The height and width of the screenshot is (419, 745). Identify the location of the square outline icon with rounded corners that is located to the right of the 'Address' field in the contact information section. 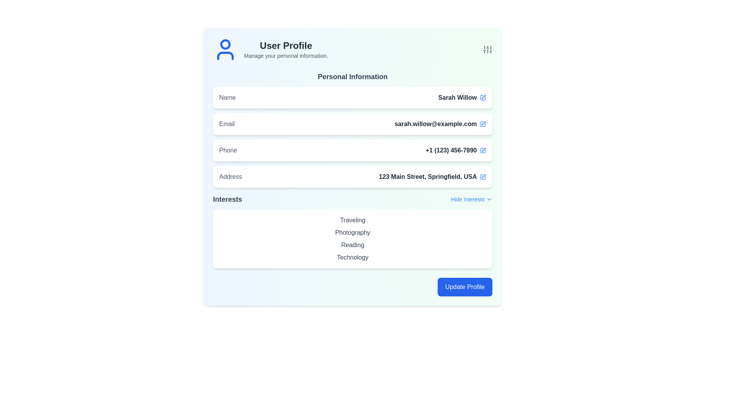
(482, 177).